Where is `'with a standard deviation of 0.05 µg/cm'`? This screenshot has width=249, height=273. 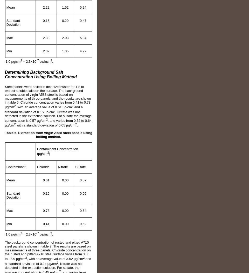
'with a standard deviation of 0.05 µg/cm' is located at coordinates (45, 125).